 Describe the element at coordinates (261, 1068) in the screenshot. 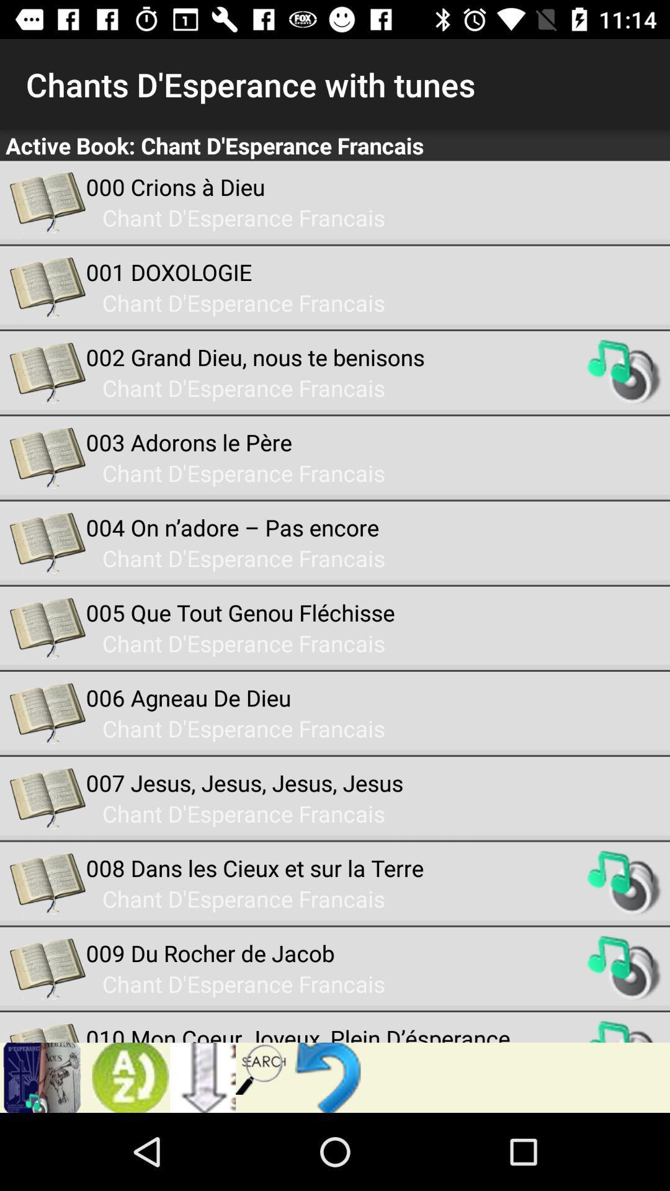

I see `the search icon` at that location.